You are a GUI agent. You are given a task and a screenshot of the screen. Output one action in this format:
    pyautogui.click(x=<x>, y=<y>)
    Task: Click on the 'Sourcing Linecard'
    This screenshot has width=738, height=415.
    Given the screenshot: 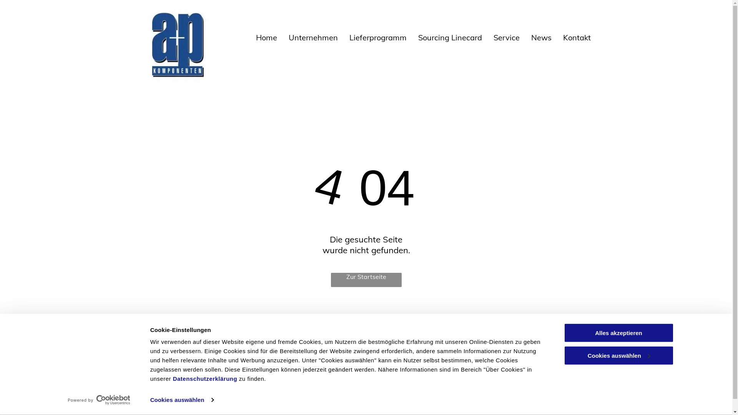 What is the action you would take?
    pyautogui.click(x=406, y=37)
    